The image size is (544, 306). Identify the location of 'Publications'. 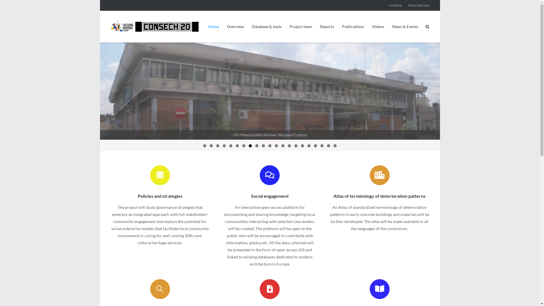
(353, 26).